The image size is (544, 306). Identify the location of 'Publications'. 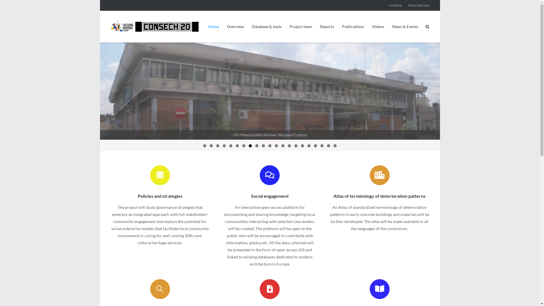
(353, 26).